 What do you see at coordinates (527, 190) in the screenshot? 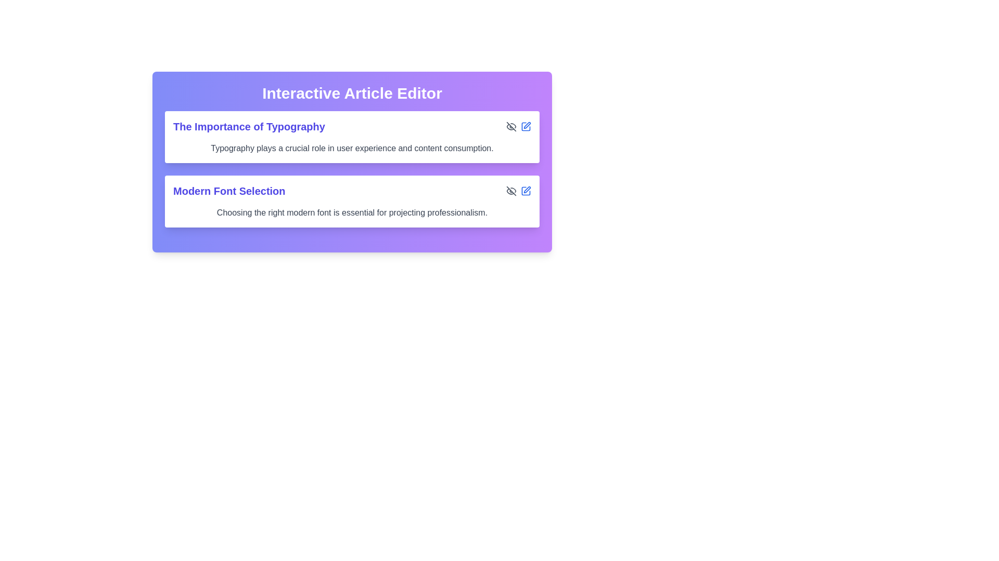
I see `the small blue pen-shaped icon button representing the edit action, located to the right of the second article entry` at bounding box center [527, 190].